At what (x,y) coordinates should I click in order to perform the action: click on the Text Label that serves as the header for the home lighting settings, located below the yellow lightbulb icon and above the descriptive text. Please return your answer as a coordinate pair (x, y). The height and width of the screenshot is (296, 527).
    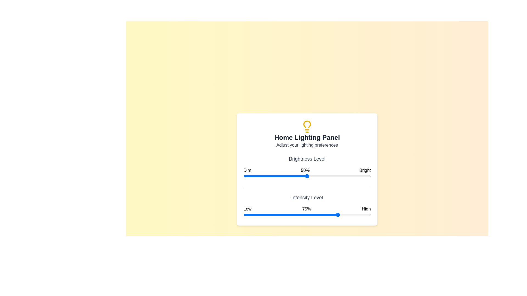
    Looking at the image, I should click on (307, 137).